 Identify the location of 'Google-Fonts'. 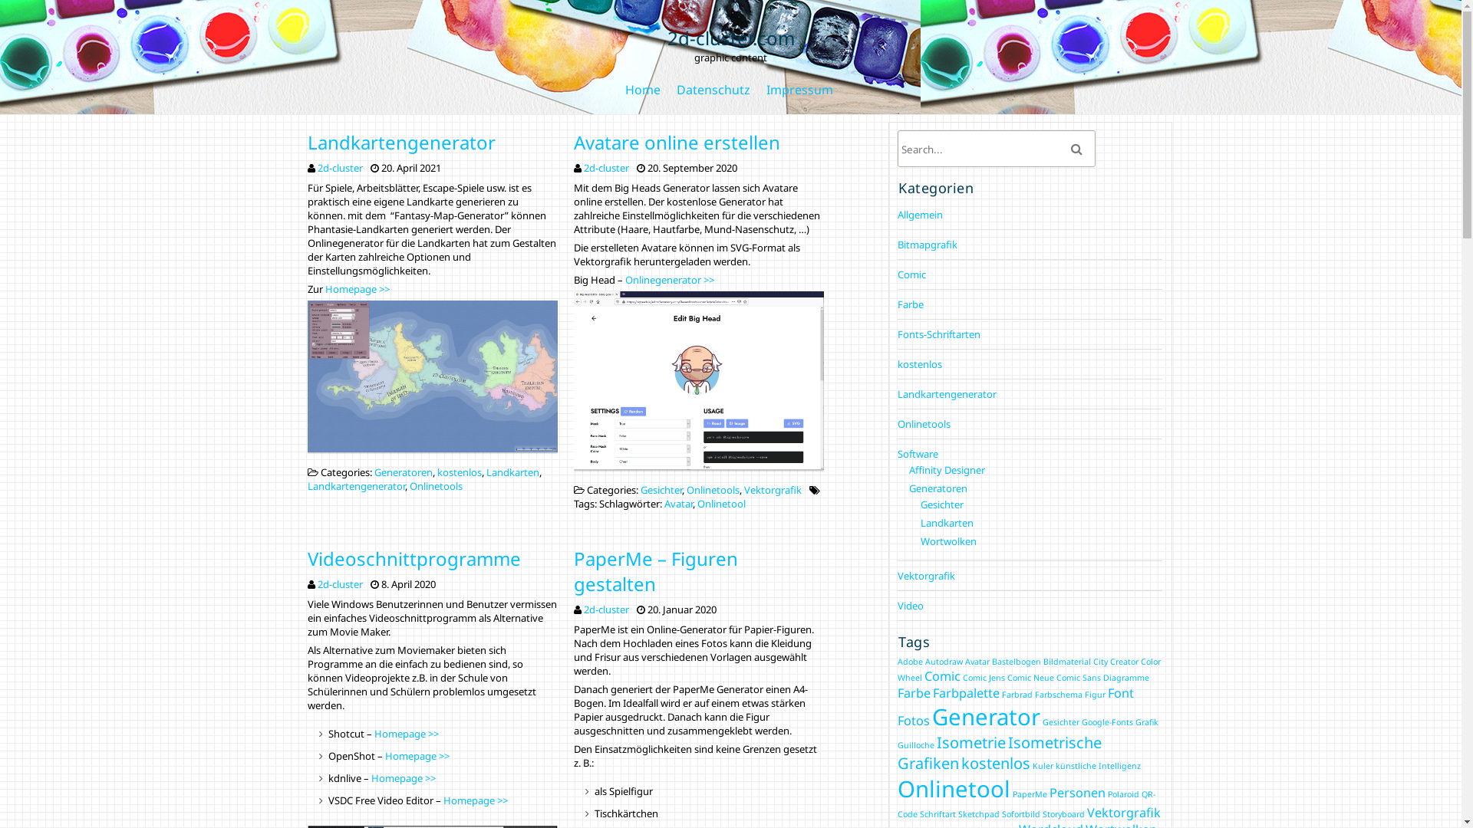
(1107, 721).